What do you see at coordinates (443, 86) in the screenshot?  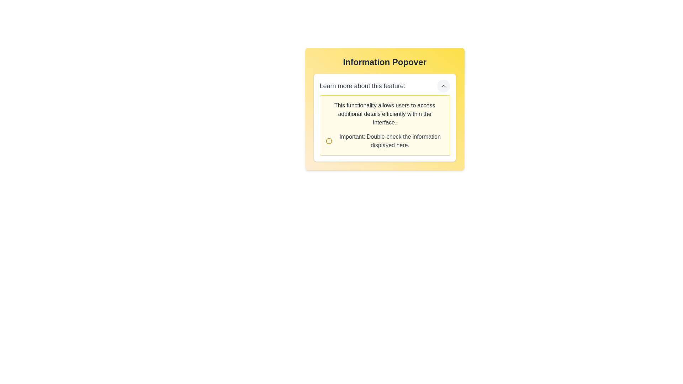 I see `the circular button with a light gray background and an upward-pointing chevron icon` at bounding box center [443, 86].